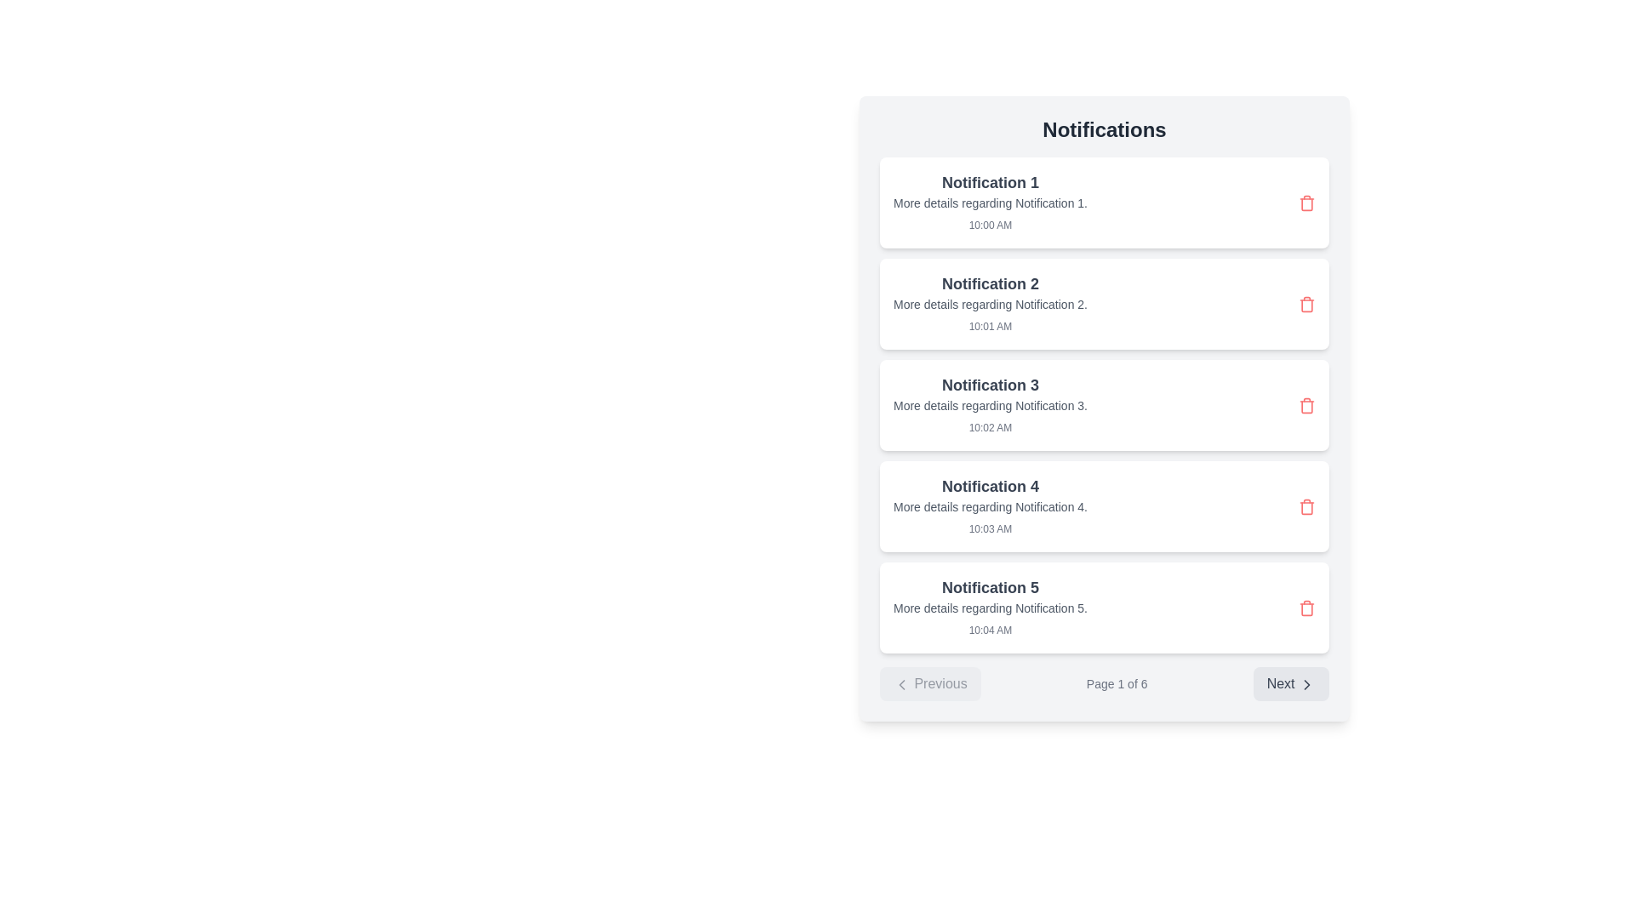 The height and width of the screenshot is (919, 1634). What do you see at coordinates (1306, 303) in the screenshot?
I see `the red trash can icon button located at the far right side of the notification titled 'Notification 2'` at bounding box center [1306, 303].